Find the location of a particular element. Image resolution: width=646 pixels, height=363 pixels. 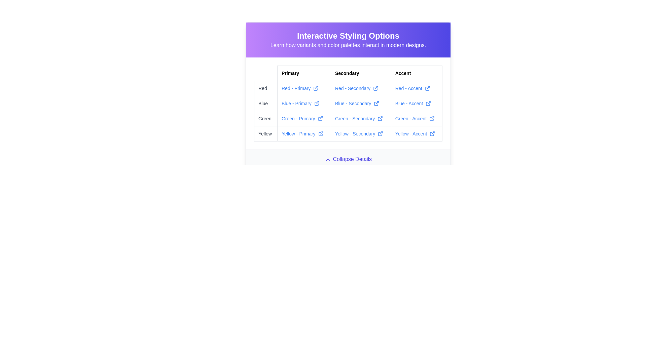

the hyperlink labeled 'Yellow - Secondary', which is styled in blue text with an underline and has an external link icon, located is located at coordinates (348, 133).